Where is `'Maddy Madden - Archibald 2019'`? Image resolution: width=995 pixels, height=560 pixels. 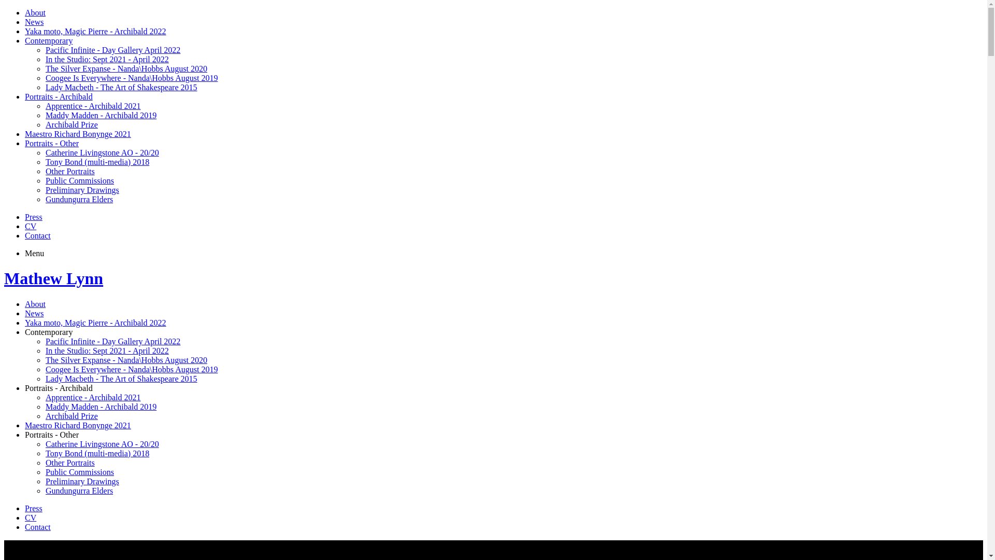
'Maddy Madden - Archibald 2019' is located at coordinates (45, 115).